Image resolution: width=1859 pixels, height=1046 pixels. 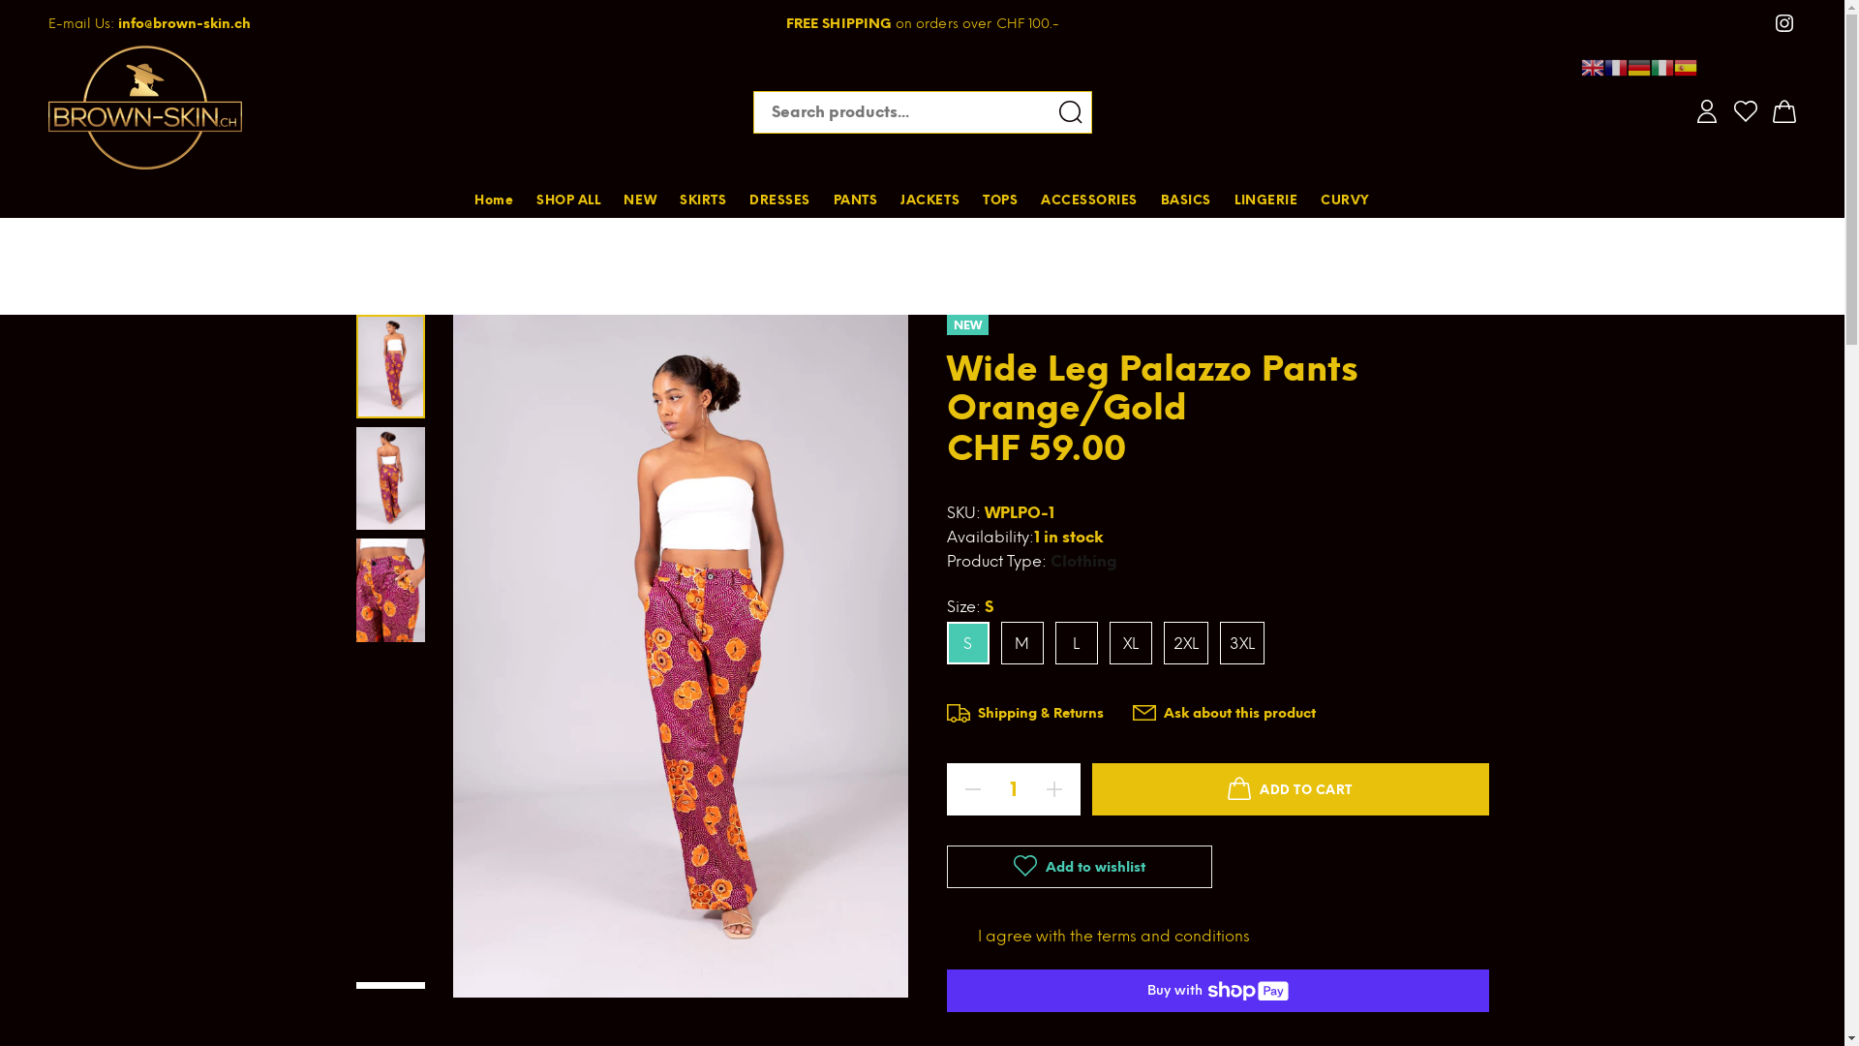 What do you see at coordinates (947, 865) in the screenshot?
I see `'Add to wishlist'` at bounding box center [947, 865].